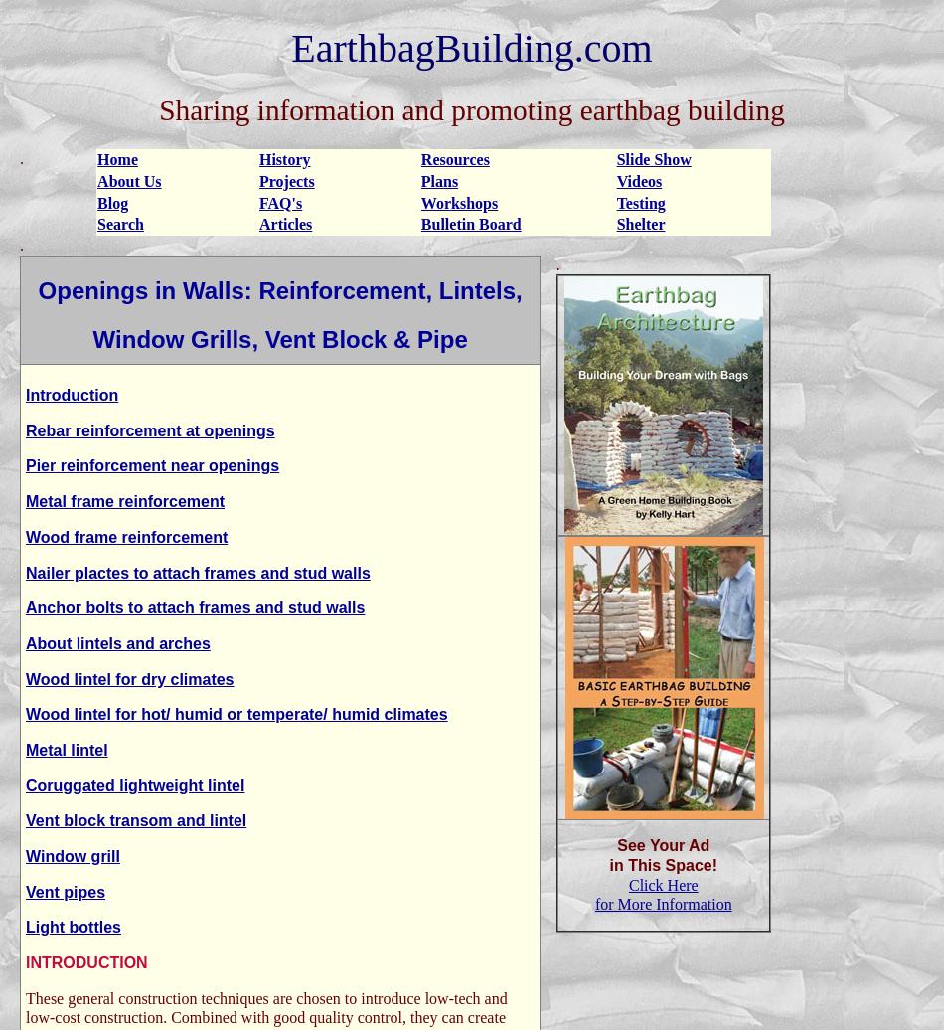 The width and height of the screenshot is (944, 1030). Describe the element at coordinates (26, 536) in the screenshot. I see `'Wood frame reinforcement'` at that location.